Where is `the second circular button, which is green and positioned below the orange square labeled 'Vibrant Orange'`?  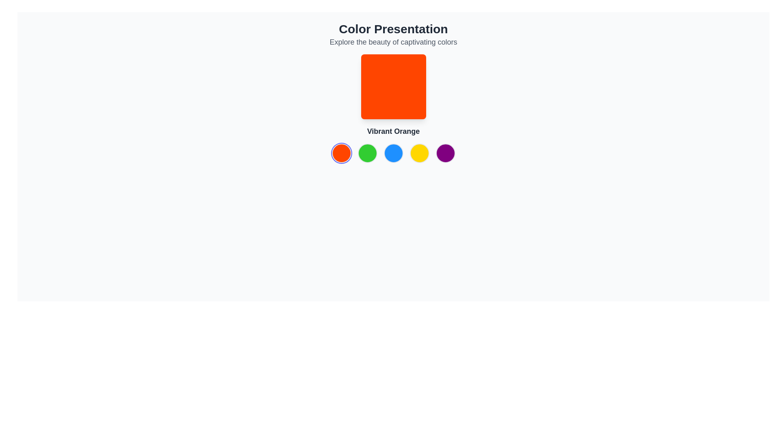
the second circular button, which is green and positioned below the orange square labeled 'Vibrant Orange' is located at coordinates (367, 153).